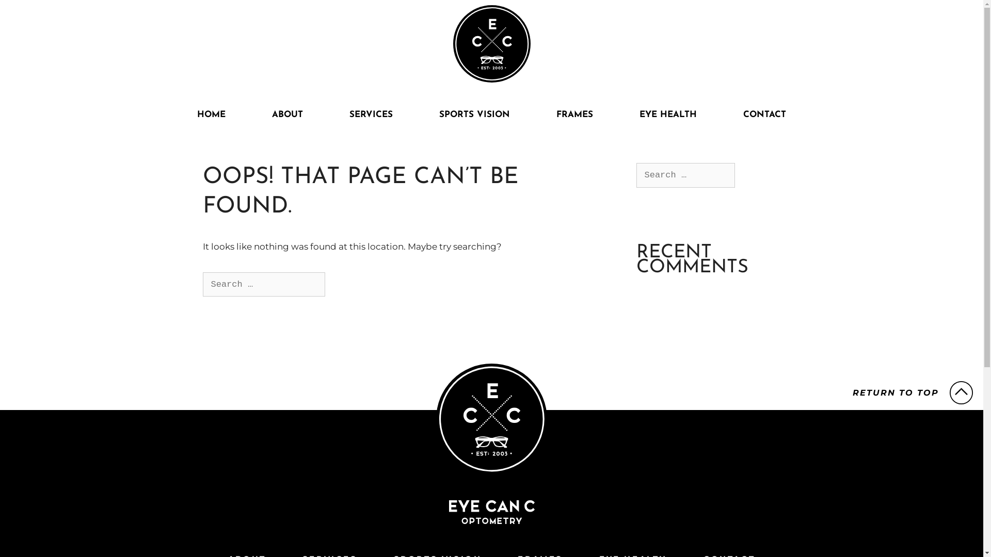 The width and height of the screenshot is (991, 557). What do you see at coordinates (616, 115) in the screenshot?
I see `'EYE HEALTH'` at bounding box center [616, 115].